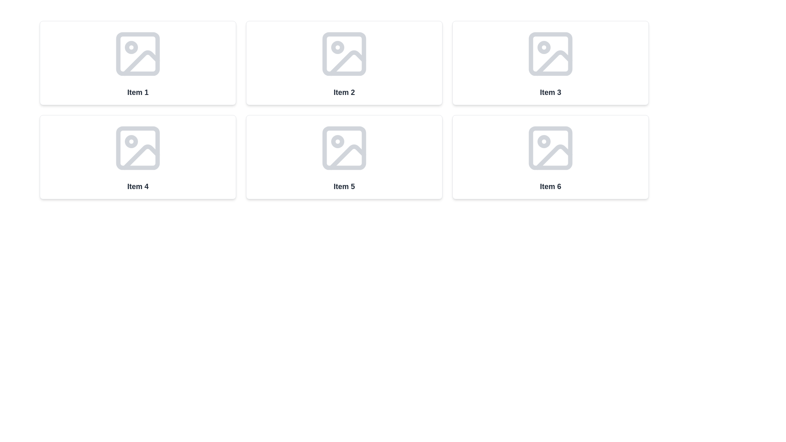 Image resolution: width=786 pixels, height=442 pixels. What do you see at coordinates (138, 54) in the screenshot?
I see `the highlighted rectangular area inside the thumbnail image labeled 'Item 1' in the top-left corner of the grid layout` at bounding box center [138, 54].